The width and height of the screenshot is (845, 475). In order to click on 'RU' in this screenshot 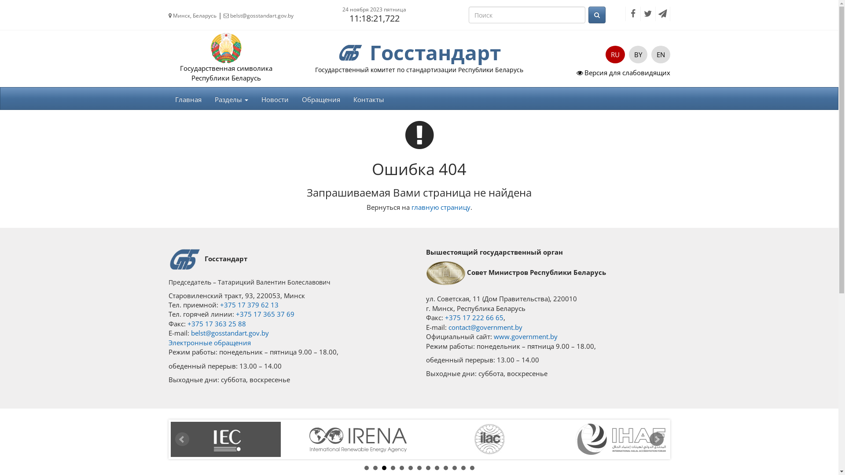, I will do `click(614, 54)`.